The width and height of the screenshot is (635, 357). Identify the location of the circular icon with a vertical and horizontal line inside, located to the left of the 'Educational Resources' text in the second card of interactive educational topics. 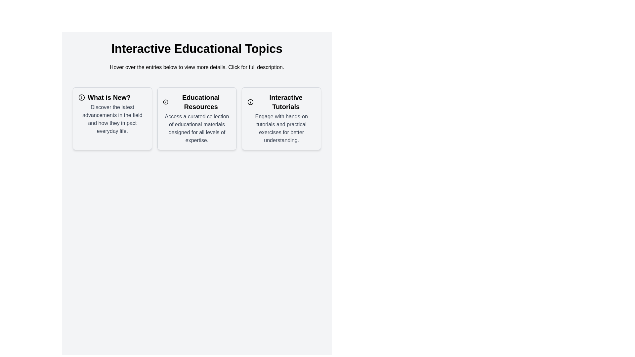
(165, 102).